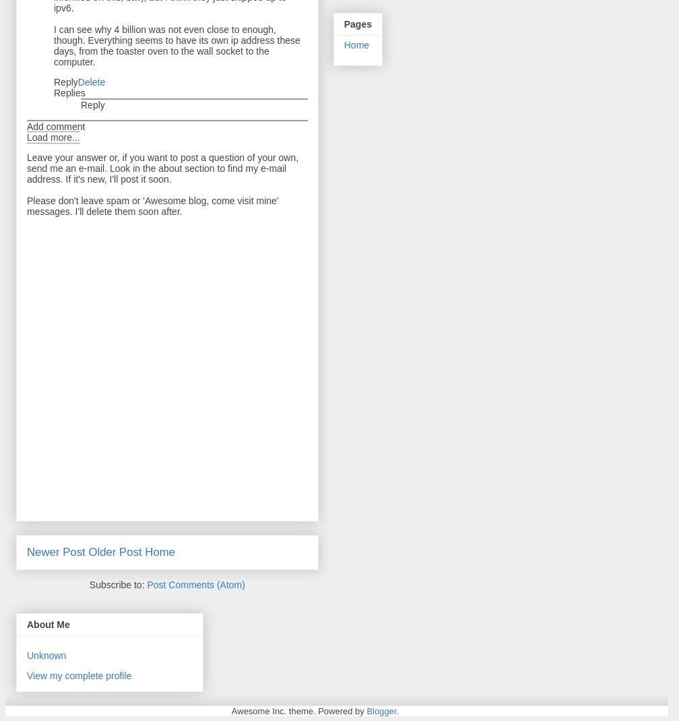 Image resolution: width=679 pixels, height=721 pixels. What do you see at coordinates (91, 82) in the screenshot?
I see `'Delete'` at bounding box center [91, 82].